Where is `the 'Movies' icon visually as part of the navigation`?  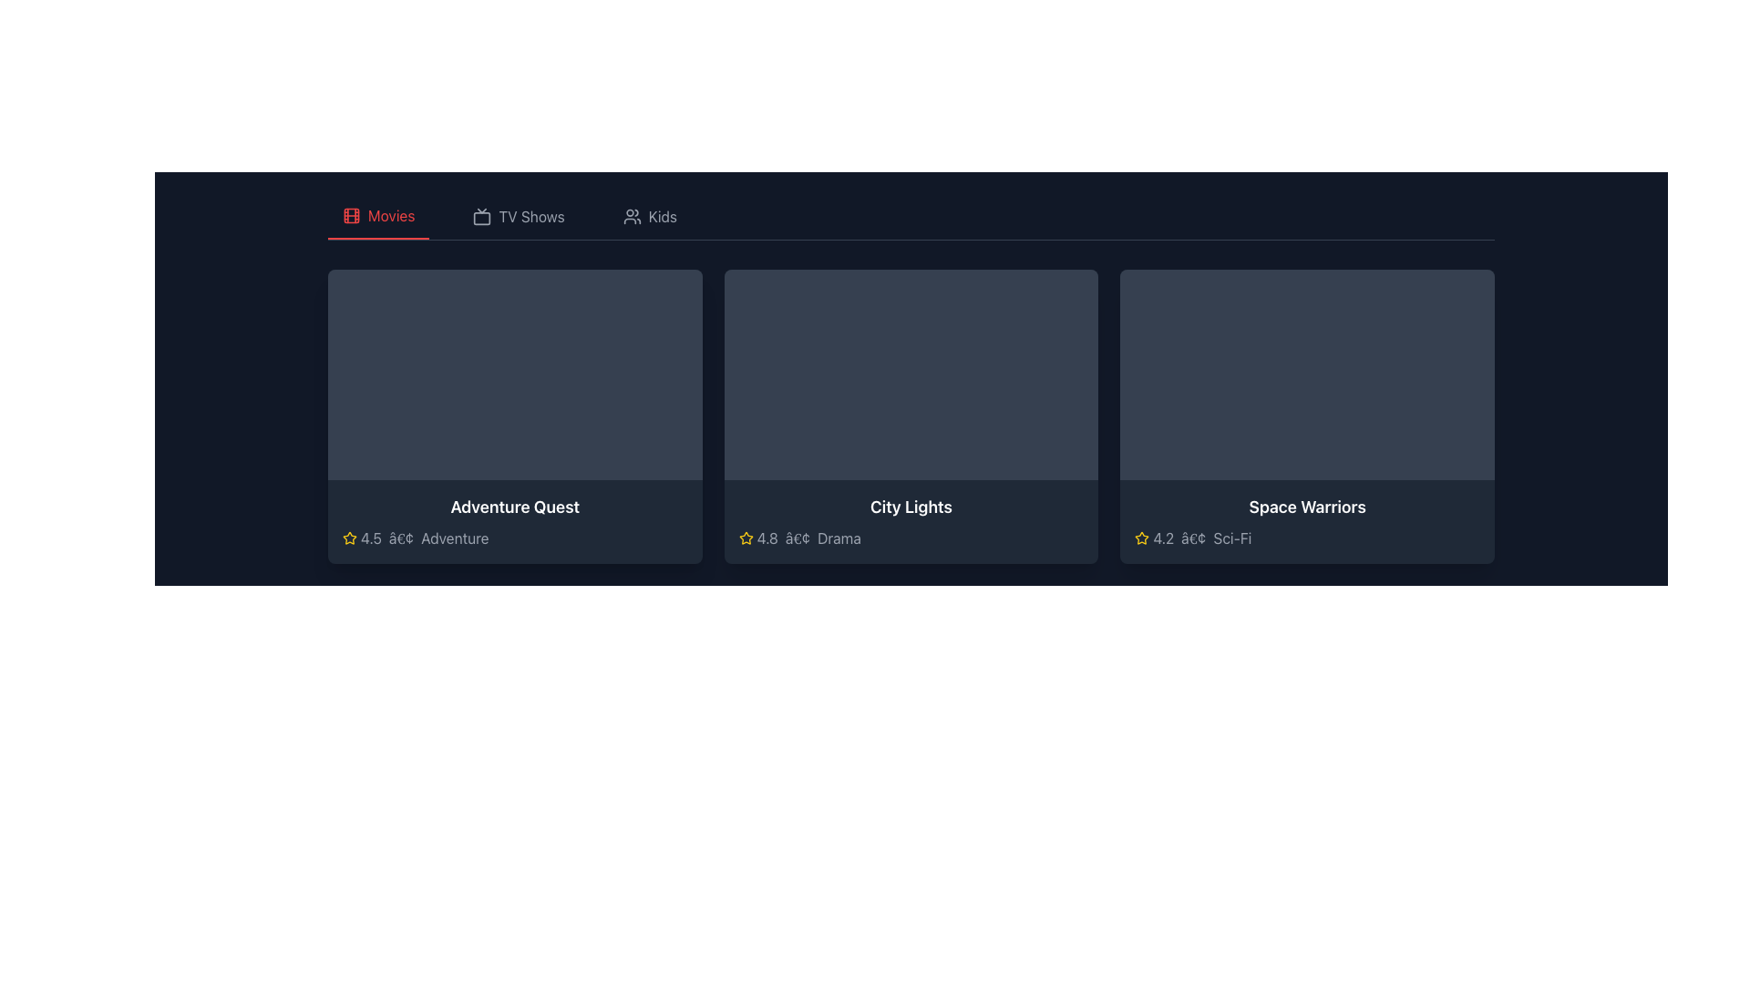 the 'Movies' icon visually as part of the navigation is located at coordinates (351, 214).